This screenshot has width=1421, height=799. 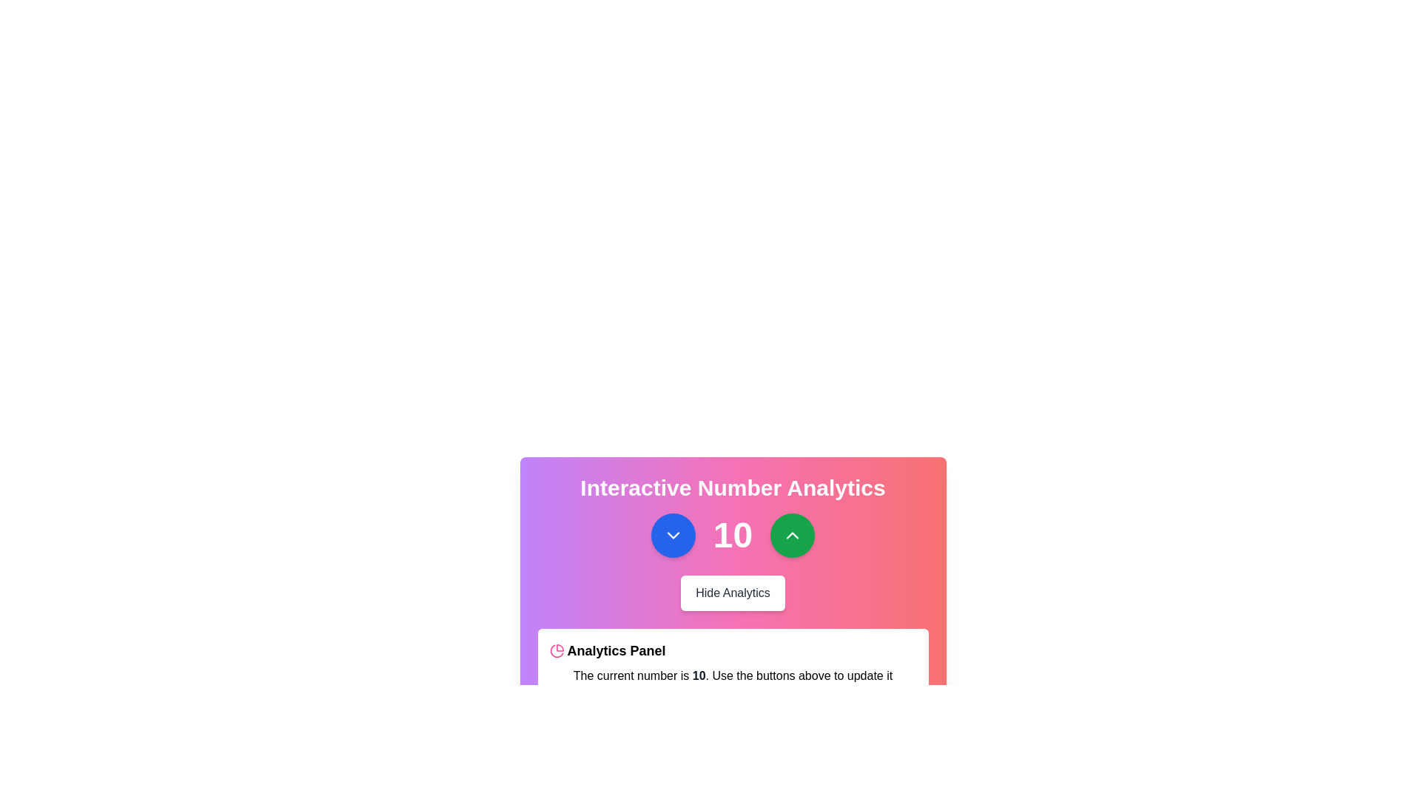 What do you see at coordinates (672, 536) in the screenshot?
I see `the chevron-down button with a blue background and white icon lines, located to the left of the displayed number '10'` at bounding box center [672, 536].